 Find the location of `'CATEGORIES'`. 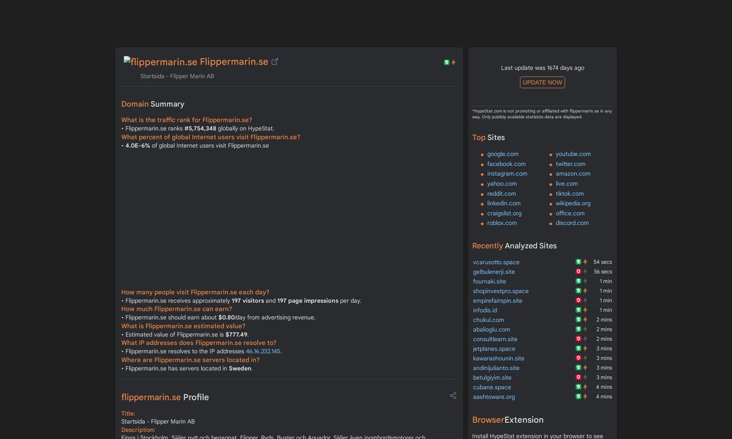

'CATEGORIES' is located at coordinates (450, 5).